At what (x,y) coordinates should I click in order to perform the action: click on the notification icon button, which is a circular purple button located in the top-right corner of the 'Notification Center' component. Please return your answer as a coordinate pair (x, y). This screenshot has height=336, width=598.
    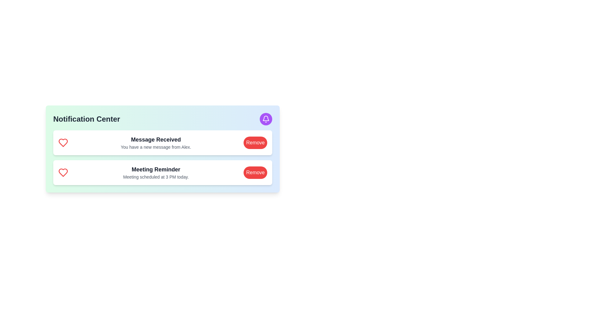
    Looking at the image, I should click on (266, 119).